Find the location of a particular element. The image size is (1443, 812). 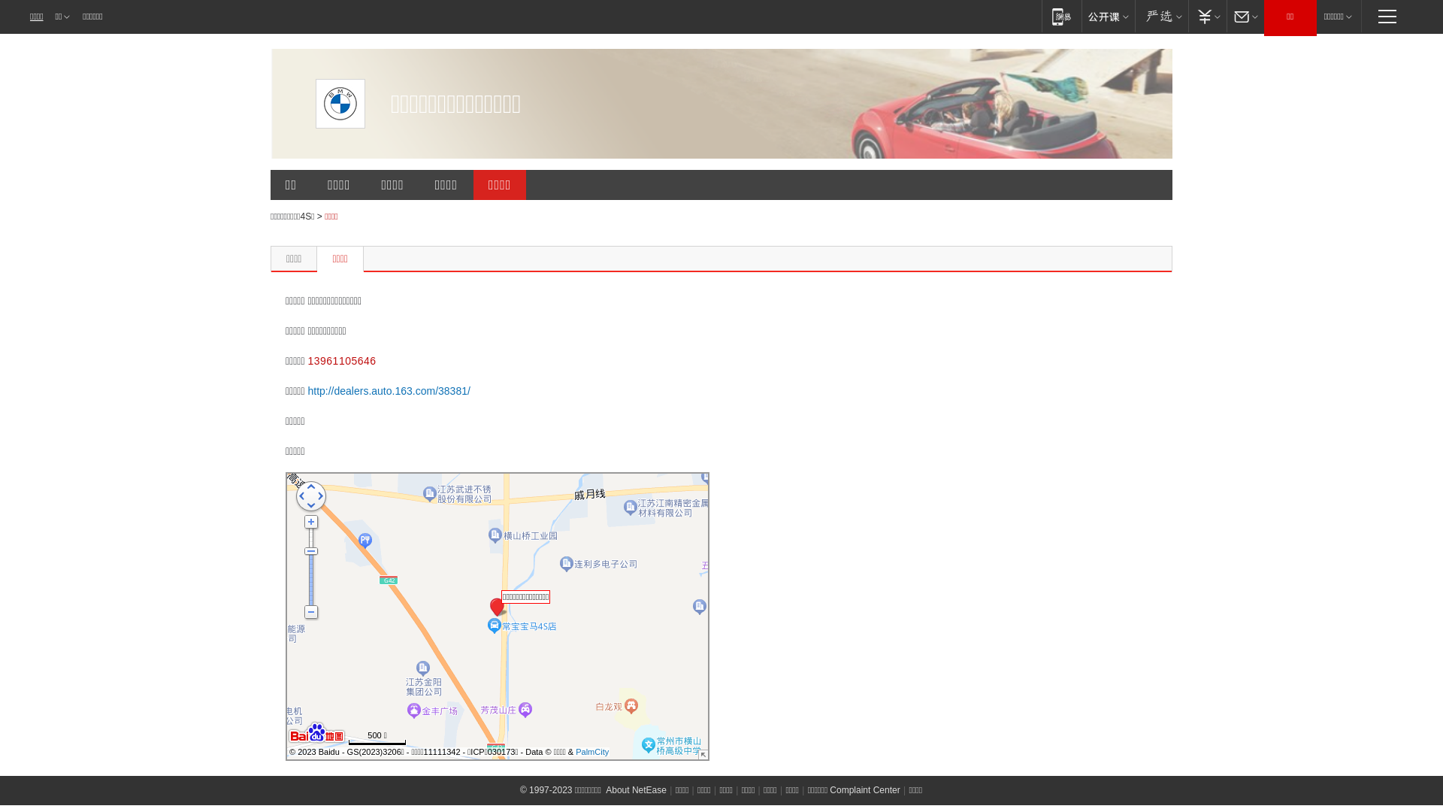

'http://dealers.auto.163.com/38381/' is located at coordinates (389, 390).